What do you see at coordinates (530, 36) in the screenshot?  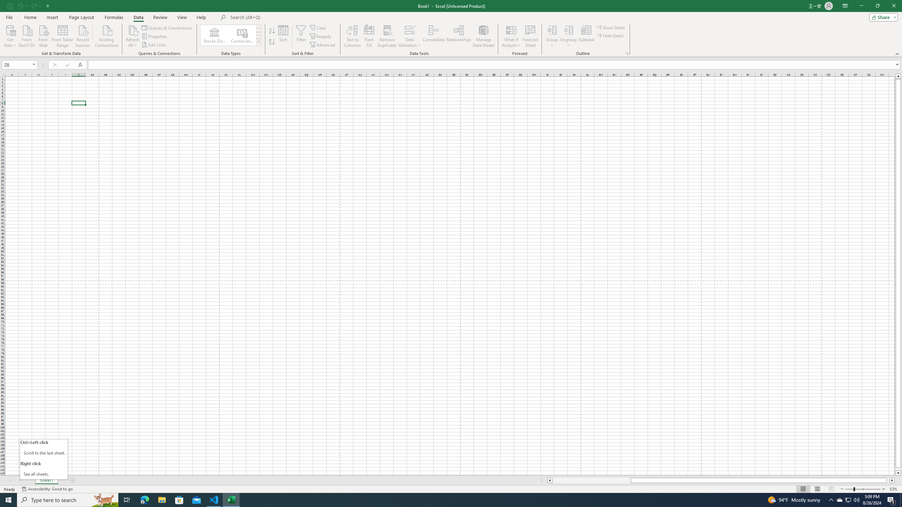 I see `'Forecast Sheet'` at bounding box center [530, 36].